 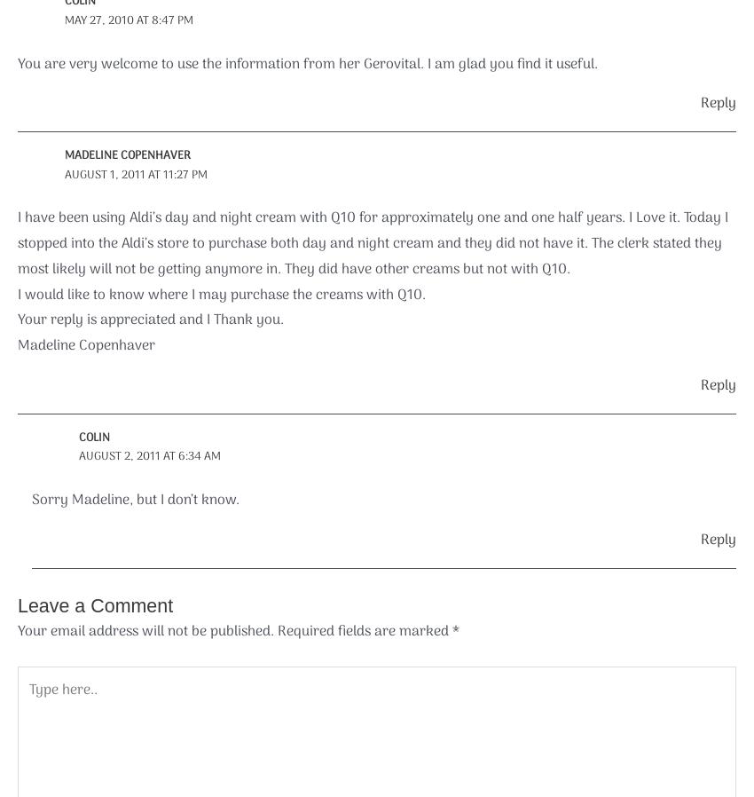 What do you see at coordinates (306, 63) in the screenshot?
I see `'You are very welcome to use the information from her Gerovital.  I am glad you find it useful.'` at bounding box center [306, 63].